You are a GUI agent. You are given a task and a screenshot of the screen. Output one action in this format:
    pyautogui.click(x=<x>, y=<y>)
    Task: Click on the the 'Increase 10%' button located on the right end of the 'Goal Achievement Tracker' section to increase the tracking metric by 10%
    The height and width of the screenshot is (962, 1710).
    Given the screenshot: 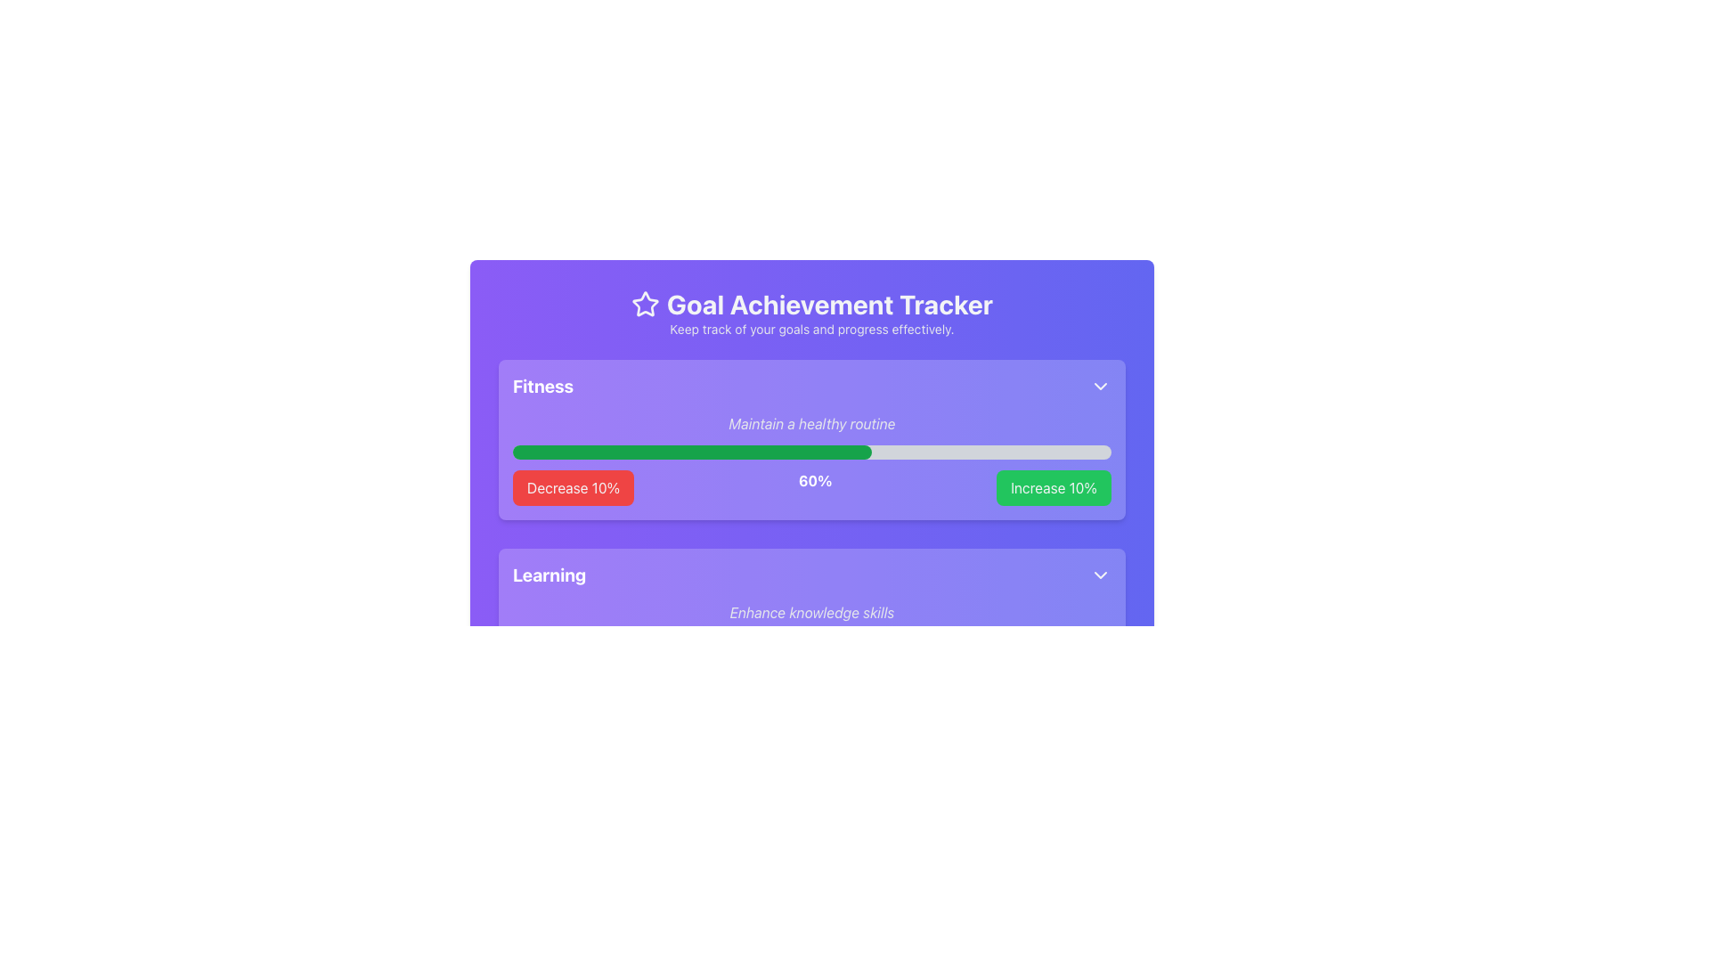 What is the action you would take?
    pyautogui.click(x=1054, y=487)
    